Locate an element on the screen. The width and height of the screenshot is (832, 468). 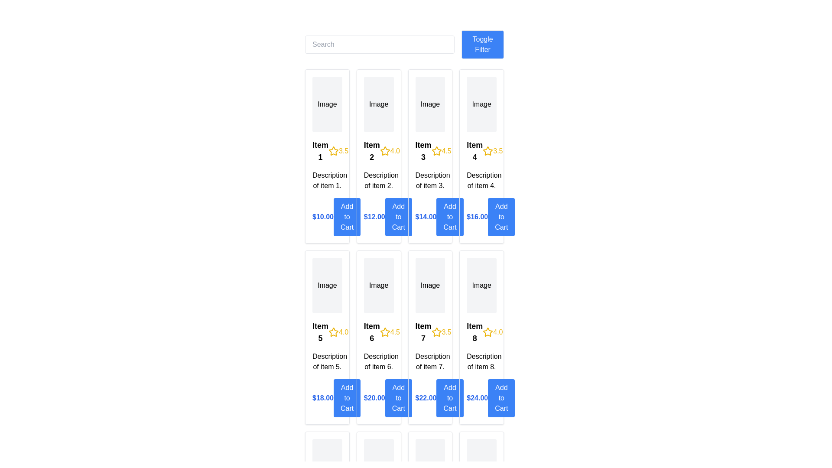
price displayed in the text label located in the second column of the grid layout, directly below the item description and above the 'Add to Cart' button is located at coordinates (374, 217).